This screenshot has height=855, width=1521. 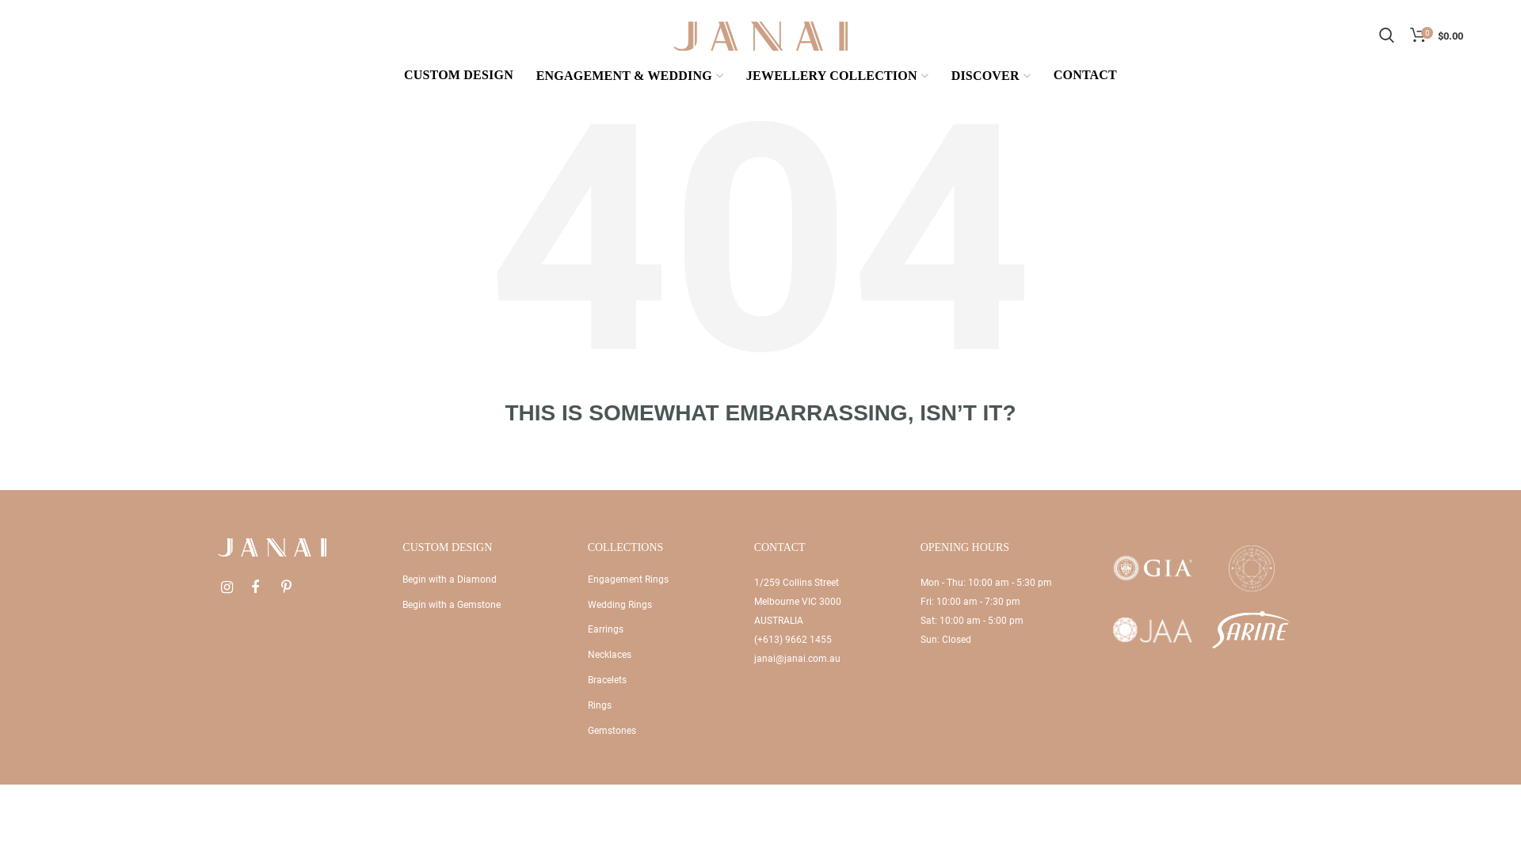 I want to click on 'ENGAGEMENT & WEDDING', so click(x=629, y=77).